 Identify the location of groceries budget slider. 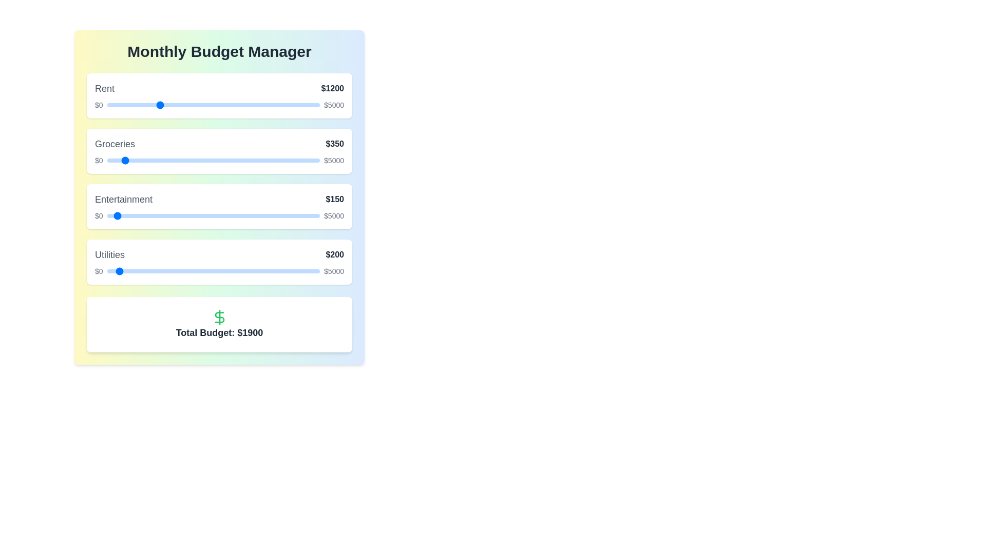
(135, 160).